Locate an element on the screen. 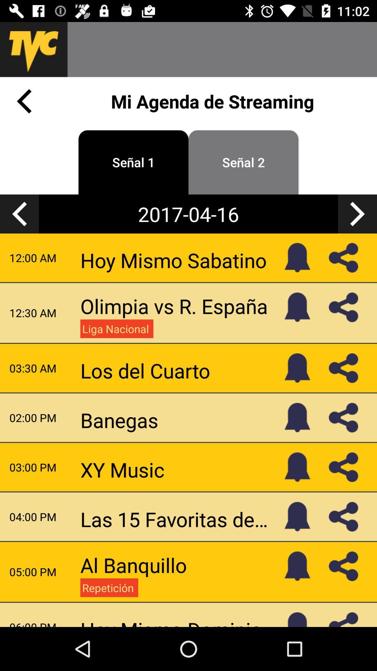 This screenshot has height=671, width=377. the arrow_backward icon is located at coordinates (19, 214).